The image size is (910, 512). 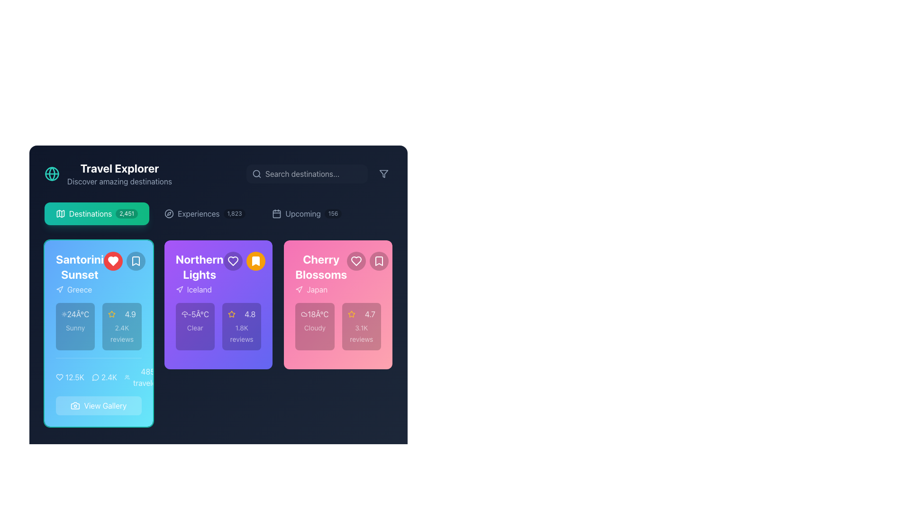 I want to click on the 'Destinations' icon located in the top navigation bar, so click(x=60, y=214).